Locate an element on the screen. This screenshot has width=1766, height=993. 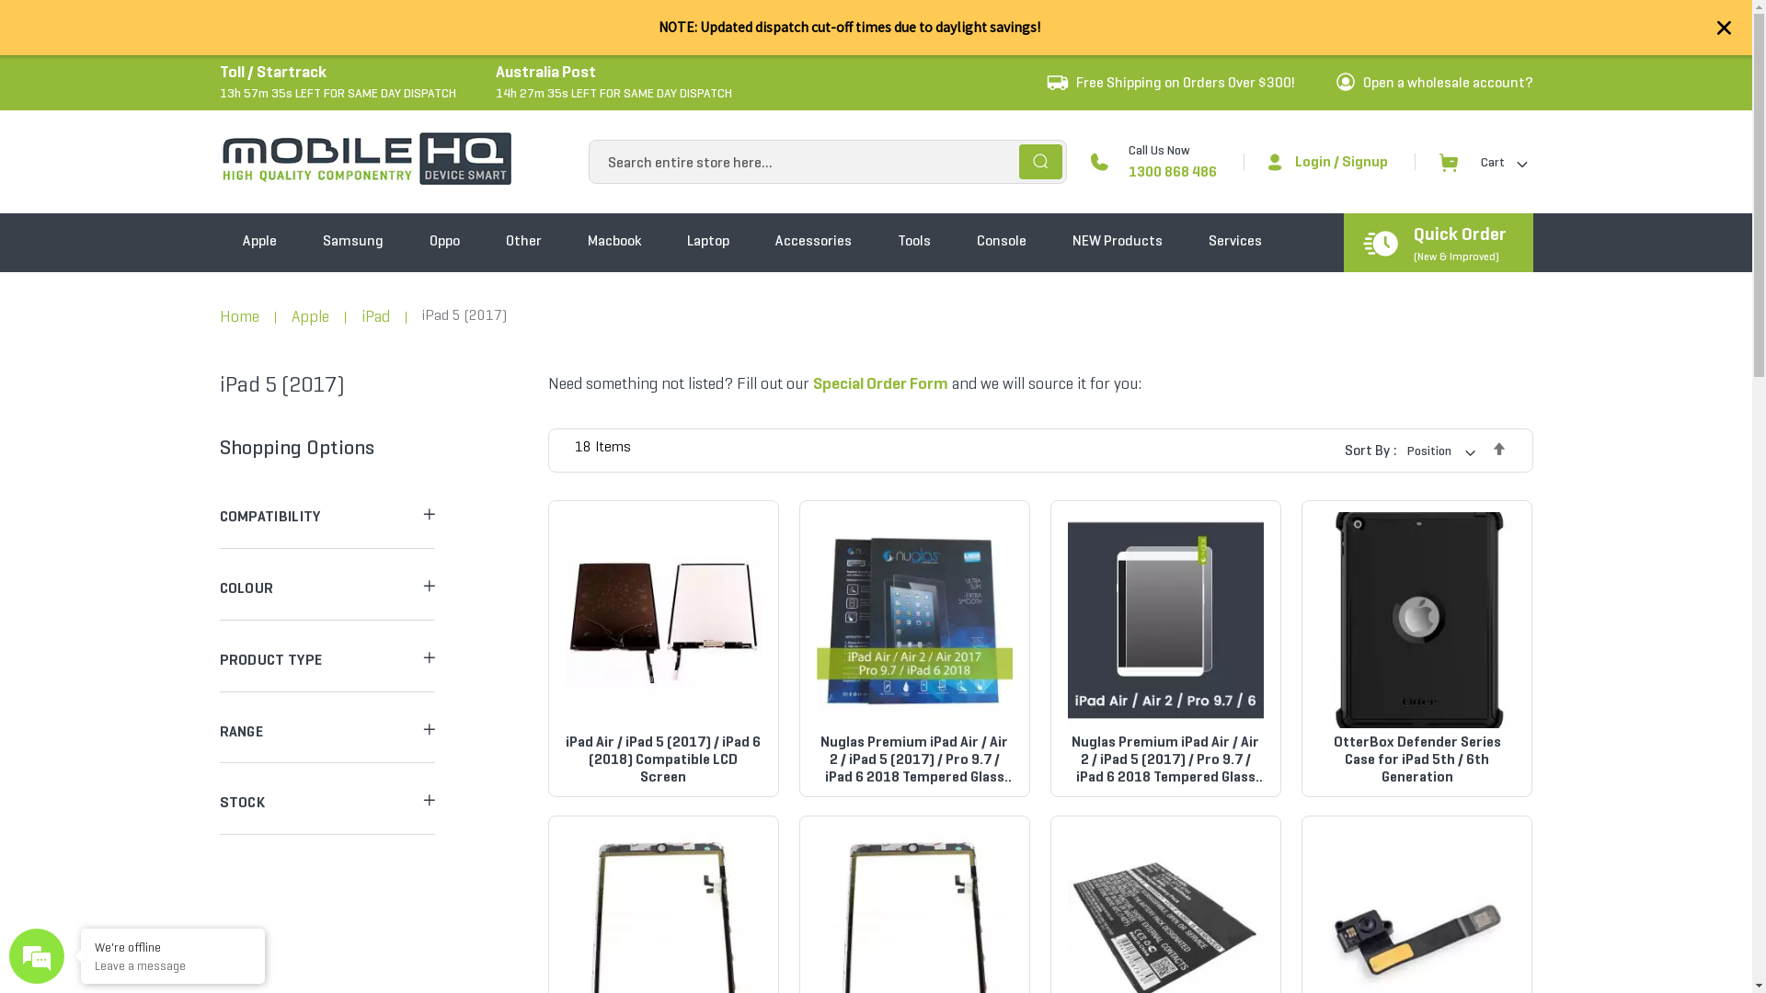
'Signup' is located at coordinates (1364, 105).